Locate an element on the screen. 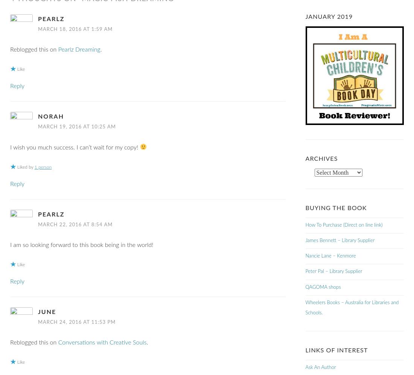 This screenshot has width=414, height=375. 'March 18, 2016 at 1:59 am' is located at coordinates (38, 29).